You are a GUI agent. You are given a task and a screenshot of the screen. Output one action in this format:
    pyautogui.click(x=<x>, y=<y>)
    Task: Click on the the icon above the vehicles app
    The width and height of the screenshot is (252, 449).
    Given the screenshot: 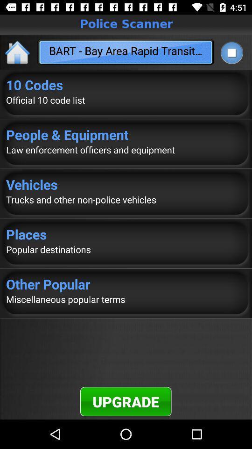 What is the action you would take?
    pyautogui.click(x=126, y=150)
    